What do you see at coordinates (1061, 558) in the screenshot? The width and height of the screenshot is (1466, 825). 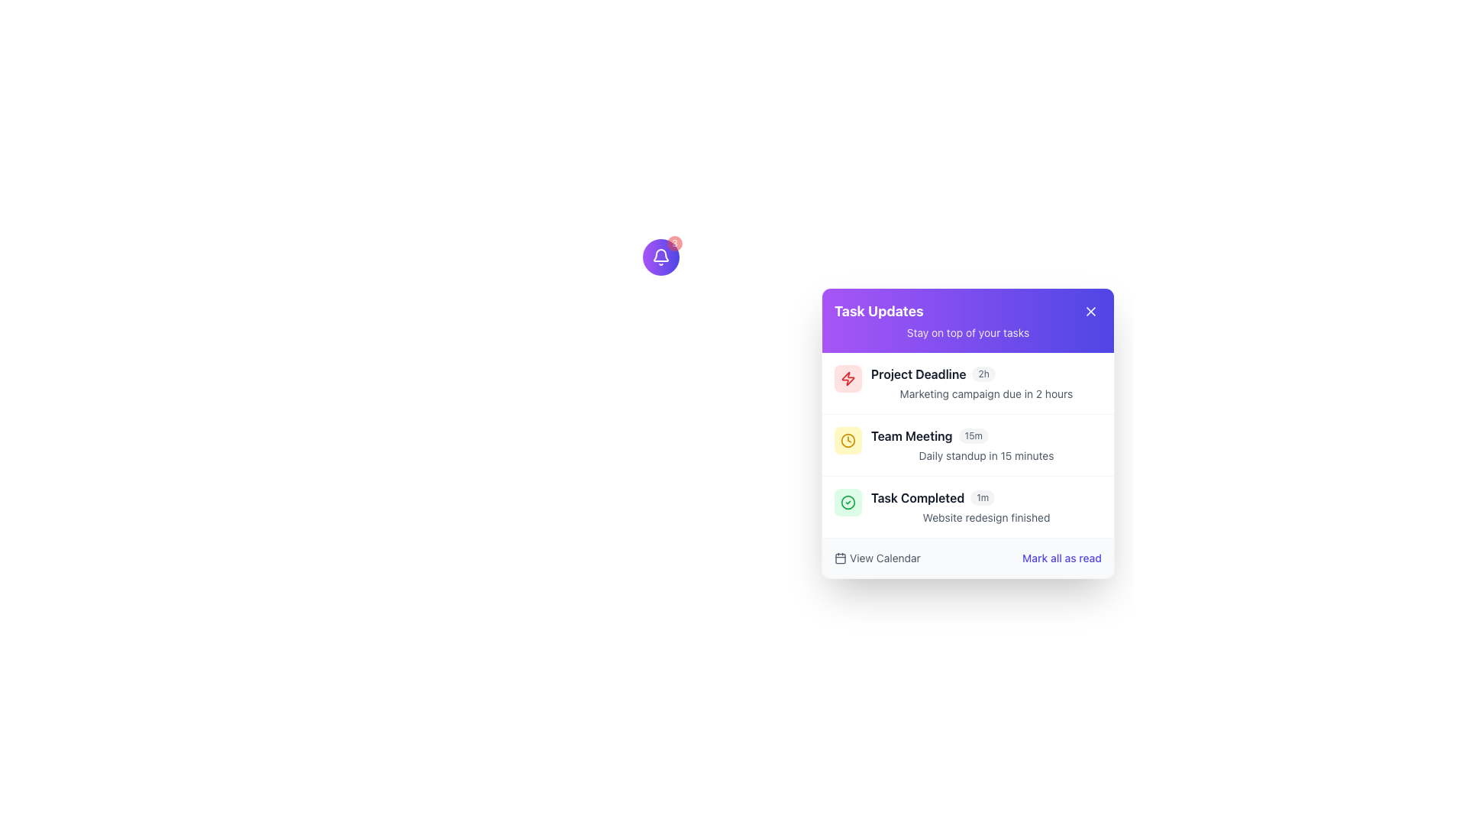 I see `the interactive link at the bottom-right of the 'Task Updates' notification panel to mark all notifications as read` at bounding box center [1061, 558].